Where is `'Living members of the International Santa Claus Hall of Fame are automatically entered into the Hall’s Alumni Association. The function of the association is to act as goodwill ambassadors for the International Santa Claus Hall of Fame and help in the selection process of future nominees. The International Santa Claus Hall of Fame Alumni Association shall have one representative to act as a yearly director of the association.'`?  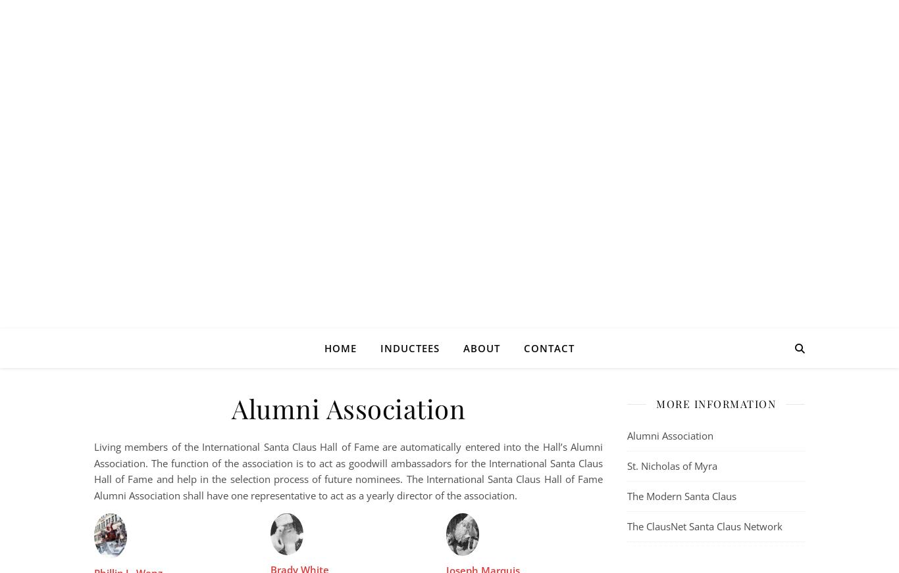
'Living members of the International Santa Claus Hall of Fame are automatically entered into the Hall’s Alumni Association. The function of the association is to act as goodwill ambassadors for the International Santa Claus Hall of Fame and help in the selection process of future nominees. The International Santa Claus Hall of Fame Alumni Association shall have one representative to act as a yearly director of the association.' is located at coordinates (348, 470).